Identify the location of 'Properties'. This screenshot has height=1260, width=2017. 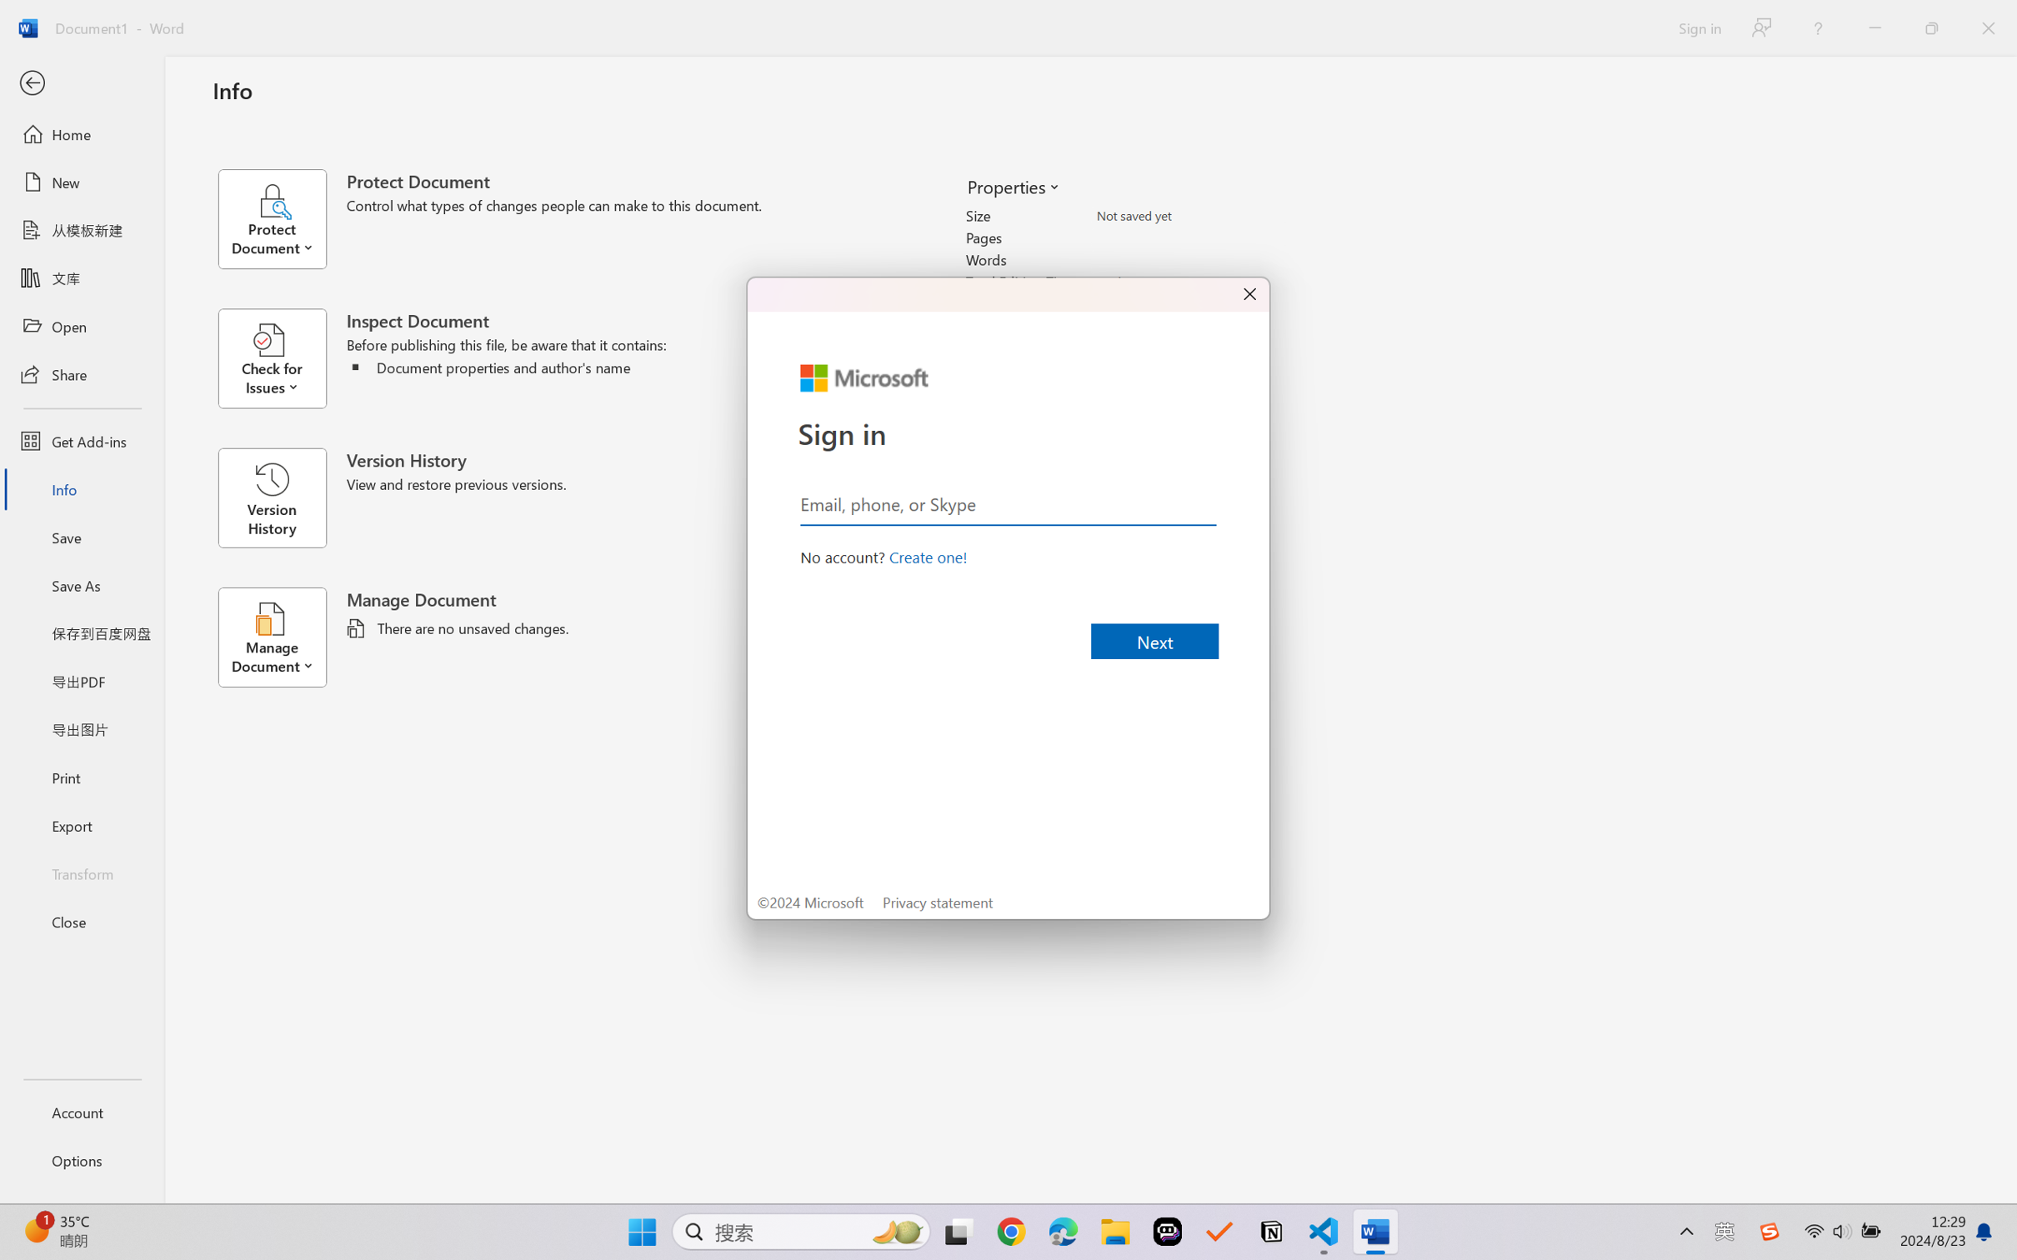
(1012, 186).